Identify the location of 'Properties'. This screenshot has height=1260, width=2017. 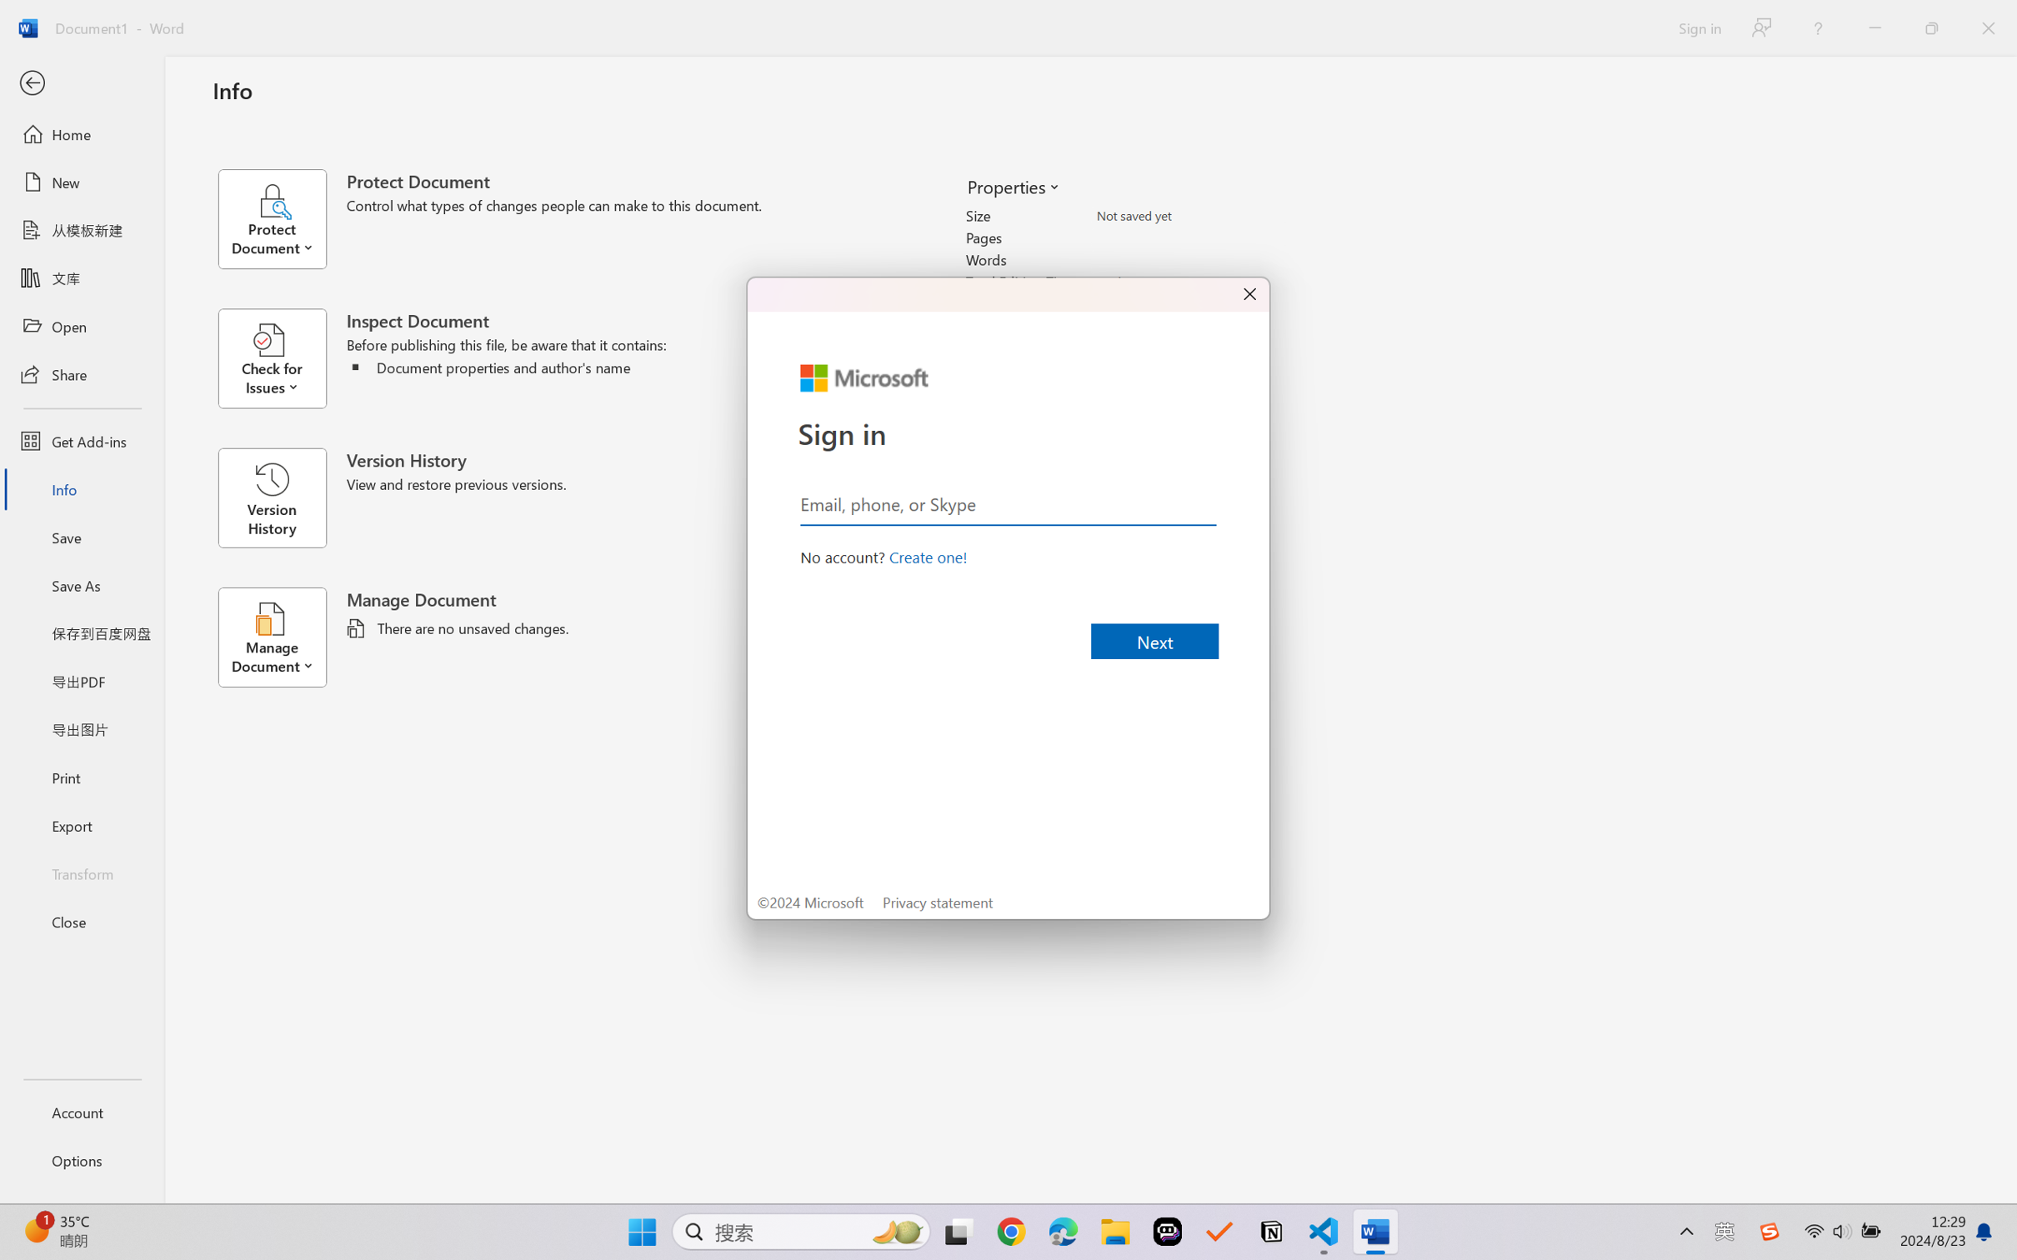
(1012, 186).